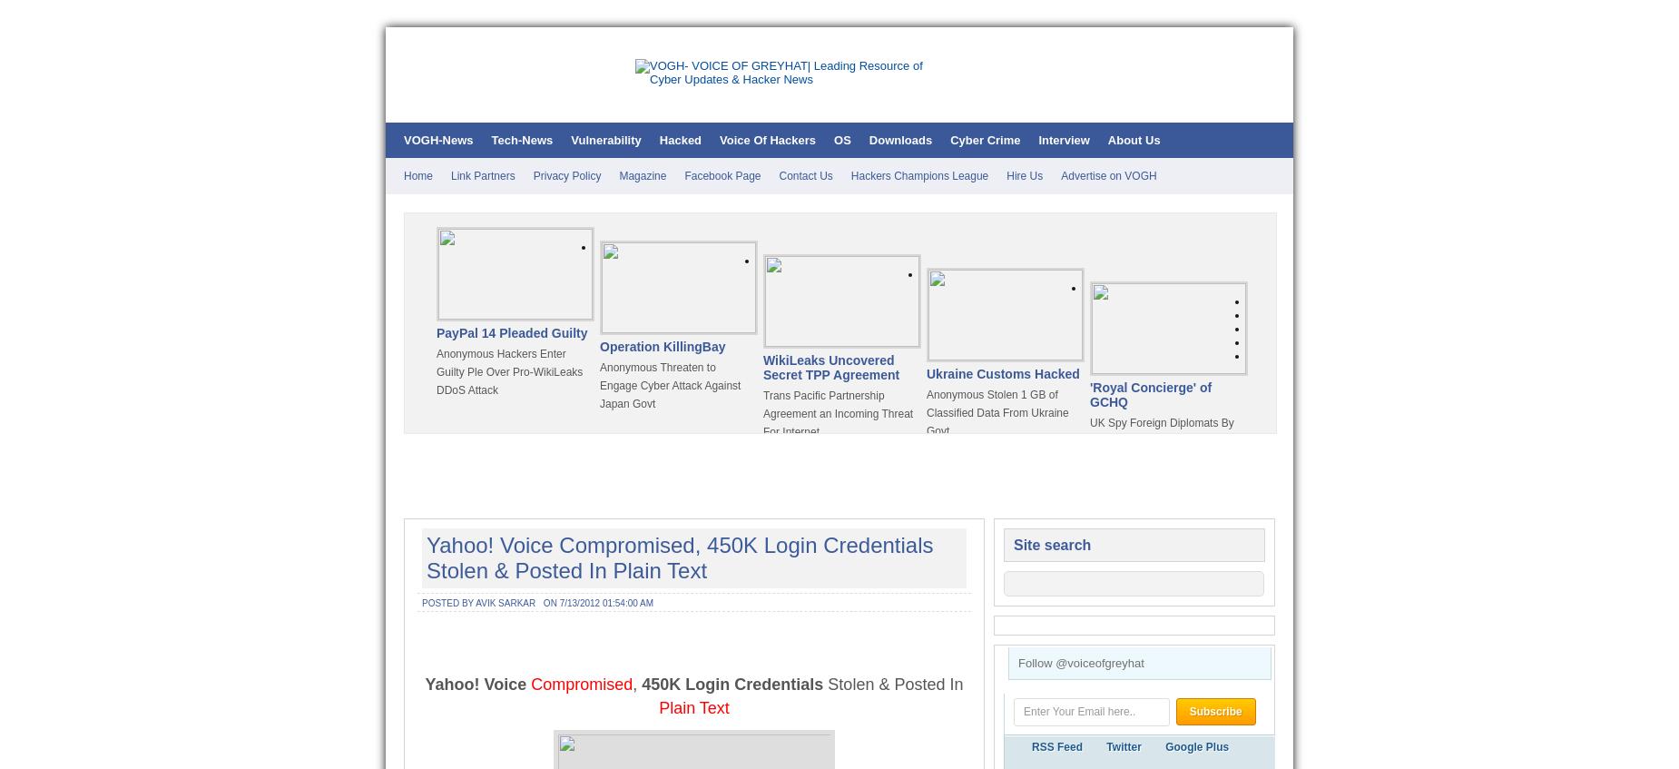 Image resolution: width=1679 pixels, height=769 pixels. What do you see at coordinates (417, 175) in the screenshot?
I see `'Home'` at bounding box center [417, 175].